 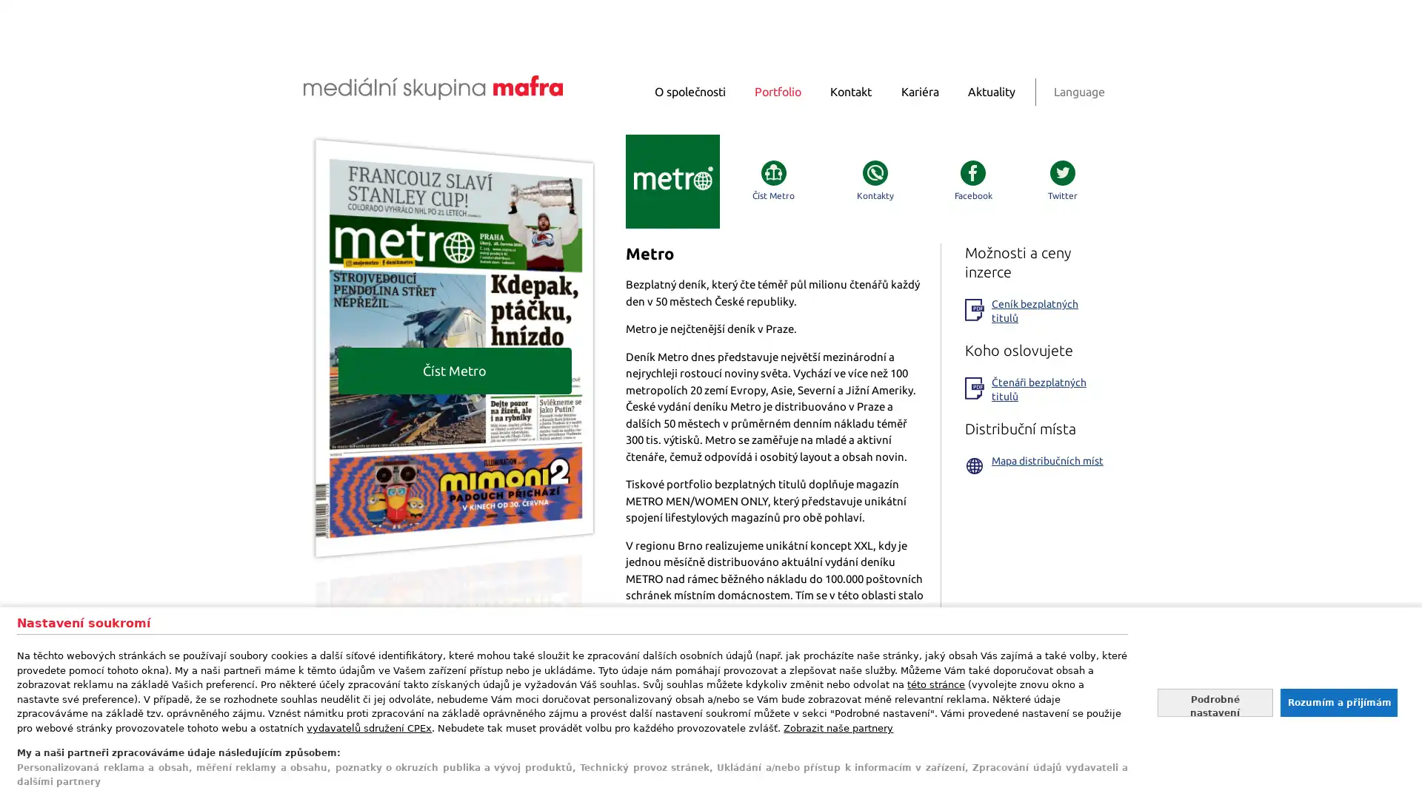 I want to click on Souhlasit s nasim zpracovanim udaju a zavrit, so click(x=1338, y=701).